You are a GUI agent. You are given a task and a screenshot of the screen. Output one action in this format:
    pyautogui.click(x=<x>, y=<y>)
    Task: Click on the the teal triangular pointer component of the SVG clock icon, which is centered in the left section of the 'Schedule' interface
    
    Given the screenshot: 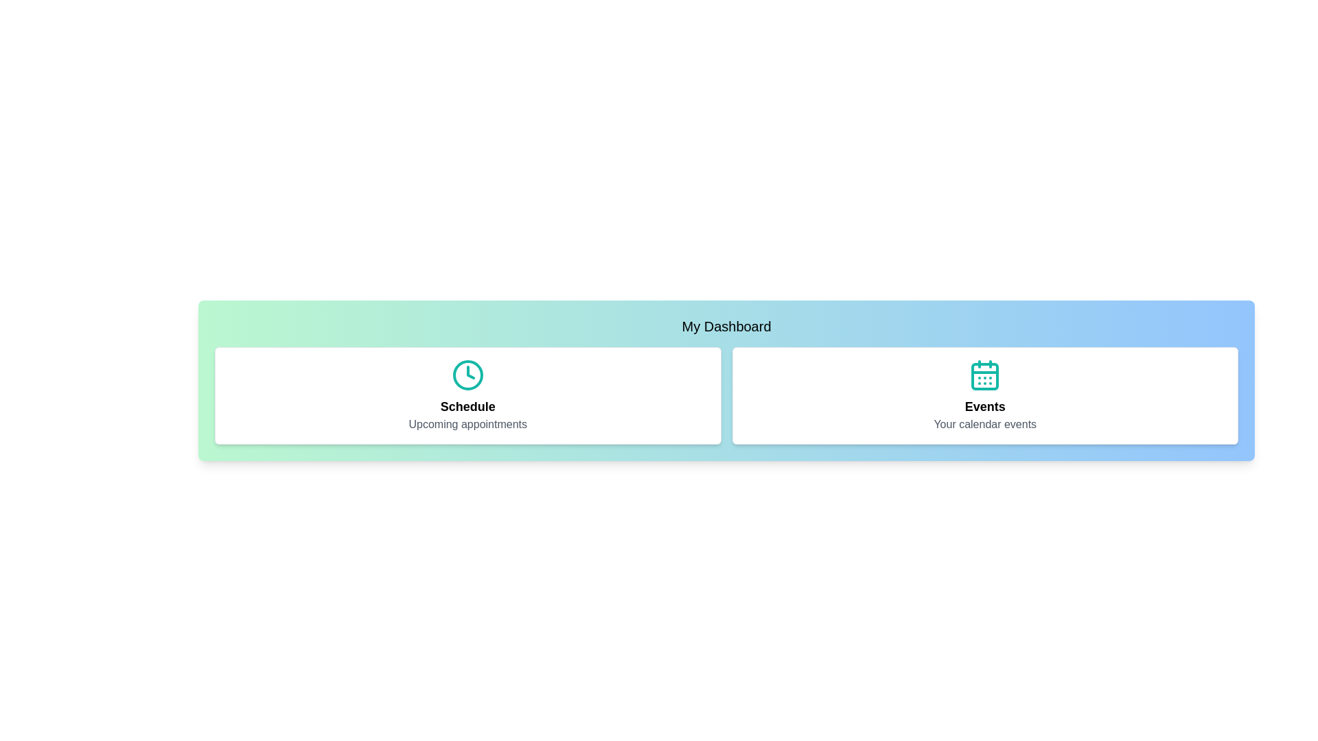 What is the action you would take?
    pyautogui.click(x=470, y=373)
    